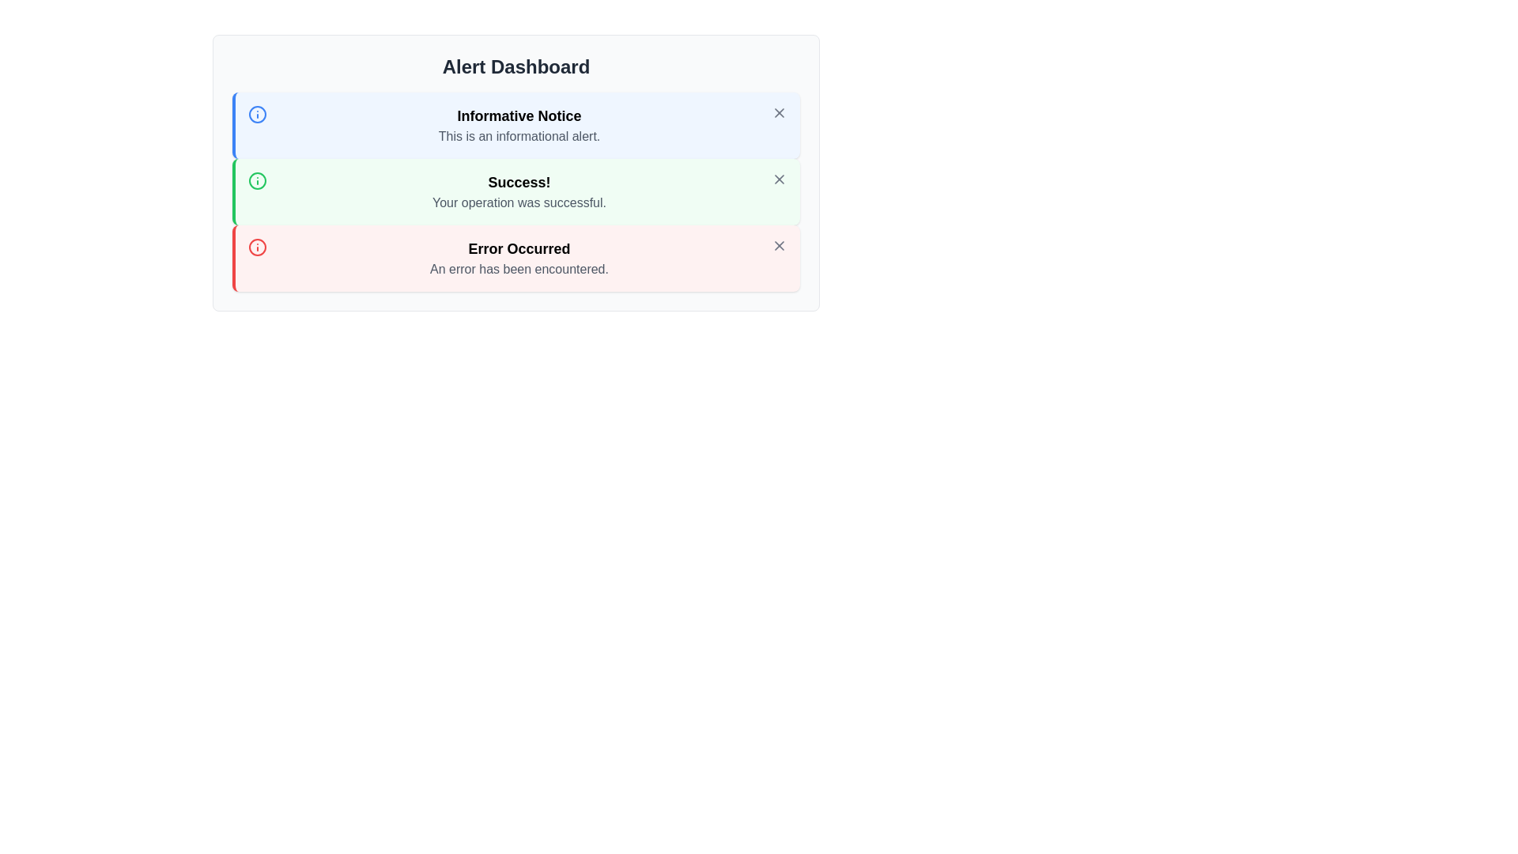 Image resolution: width=1518 pixels, height=854 pixels. I want to click on the center of the Close Button located in the top-right corner of the 'Error Occurred' alert box, so click(779, 246).